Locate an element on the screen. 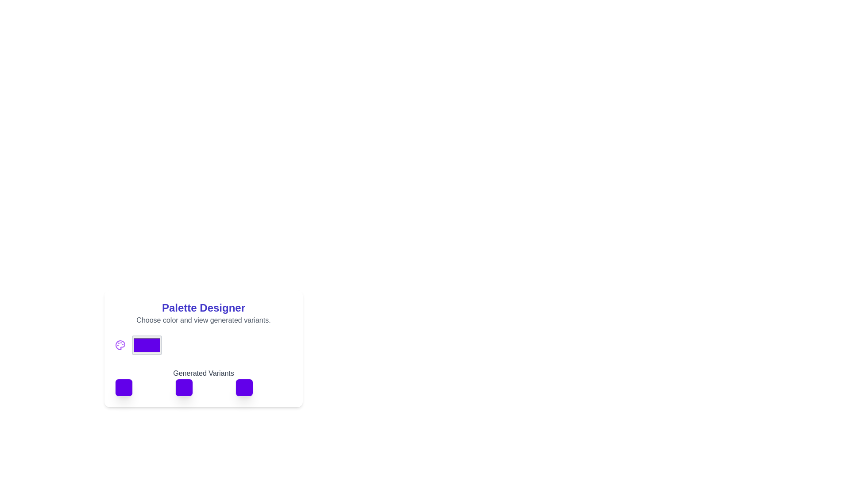 The image size is (850, 478). the decorative icon for color or palette selection located in the top-left of the 'flex items-center space-x-4' group, adjacent to the rectangular color input box is located at coordinates (120, 344).